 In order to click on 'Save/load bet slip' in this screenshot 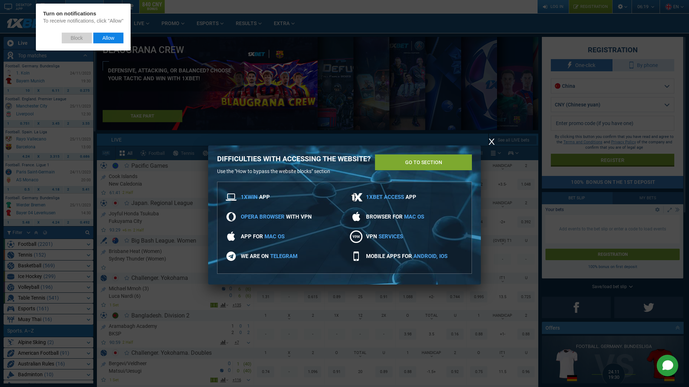, I will do `click(612, 286)`.